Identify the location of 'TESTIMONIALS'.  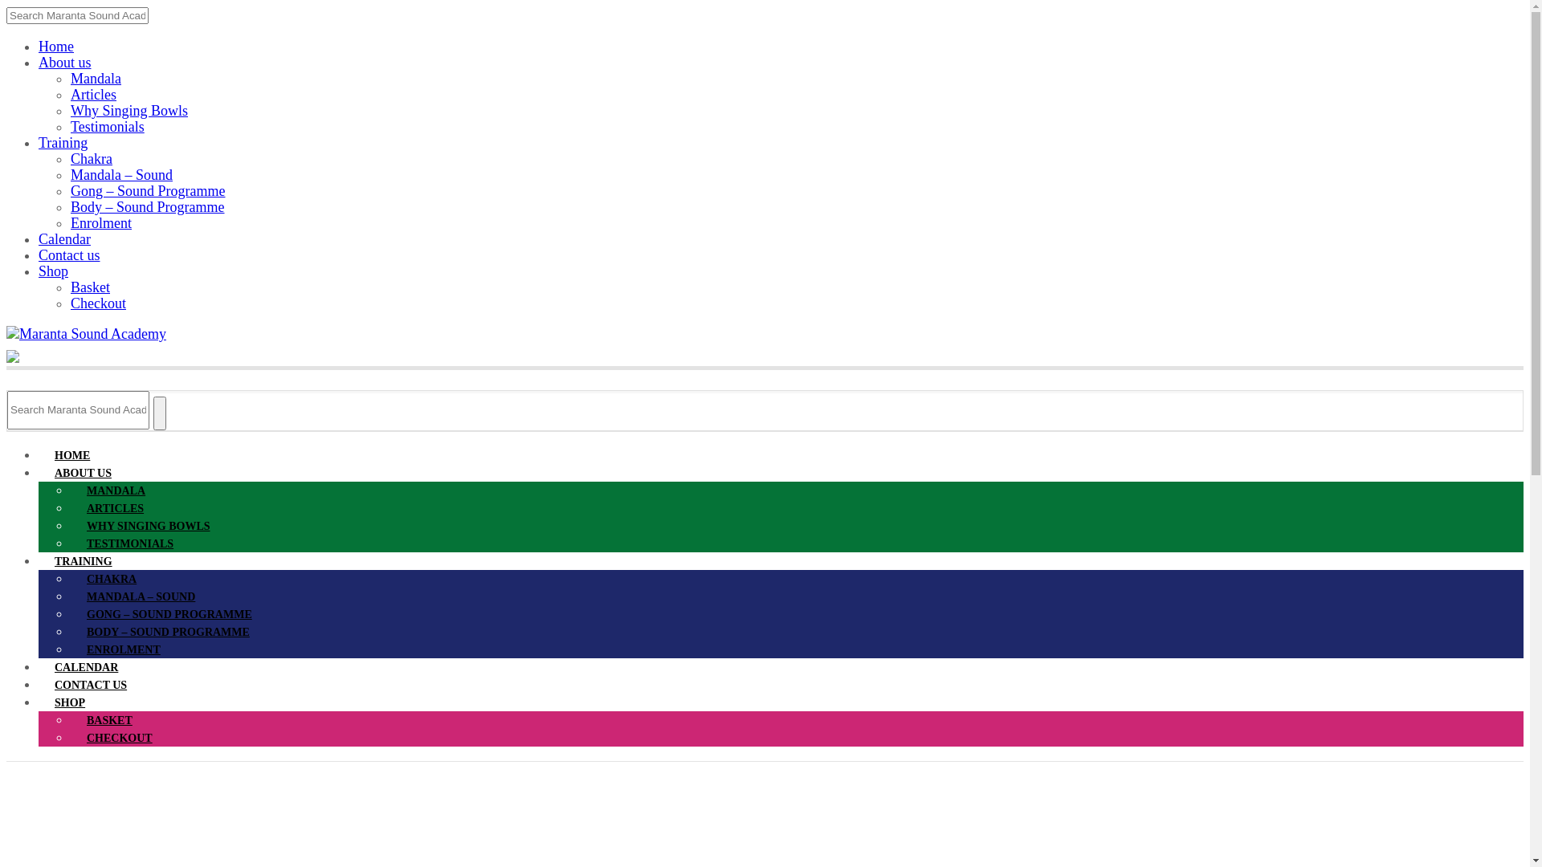
(130, 543).